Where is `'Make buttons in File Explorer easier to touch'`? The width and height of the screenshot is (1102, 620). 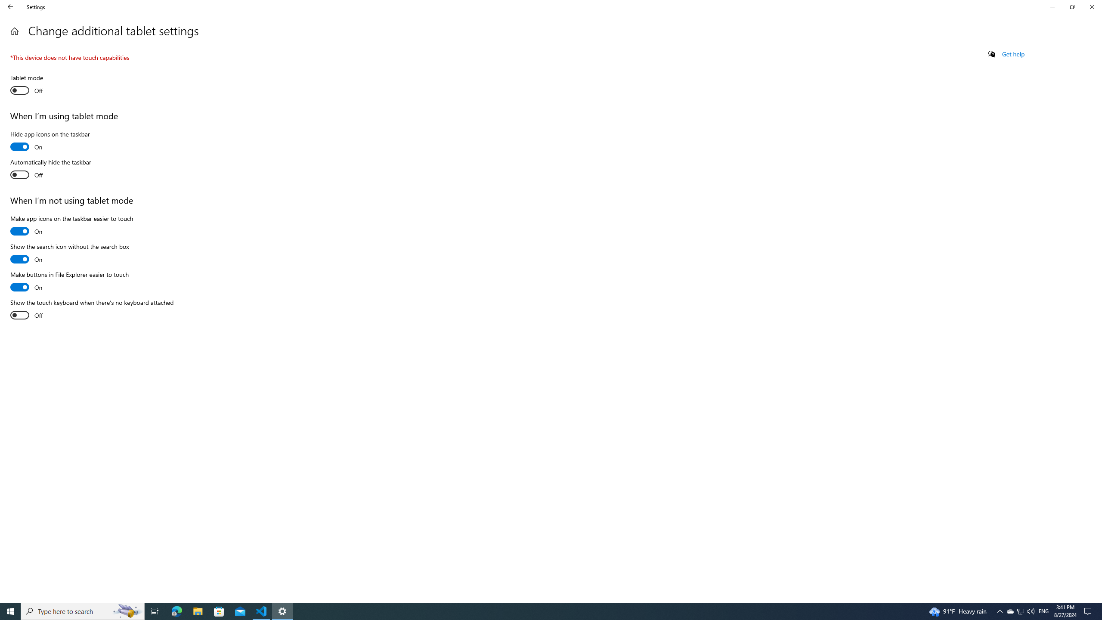 'Make buttons in File Explorer easier to touch' is located at coordinates (69, 282).